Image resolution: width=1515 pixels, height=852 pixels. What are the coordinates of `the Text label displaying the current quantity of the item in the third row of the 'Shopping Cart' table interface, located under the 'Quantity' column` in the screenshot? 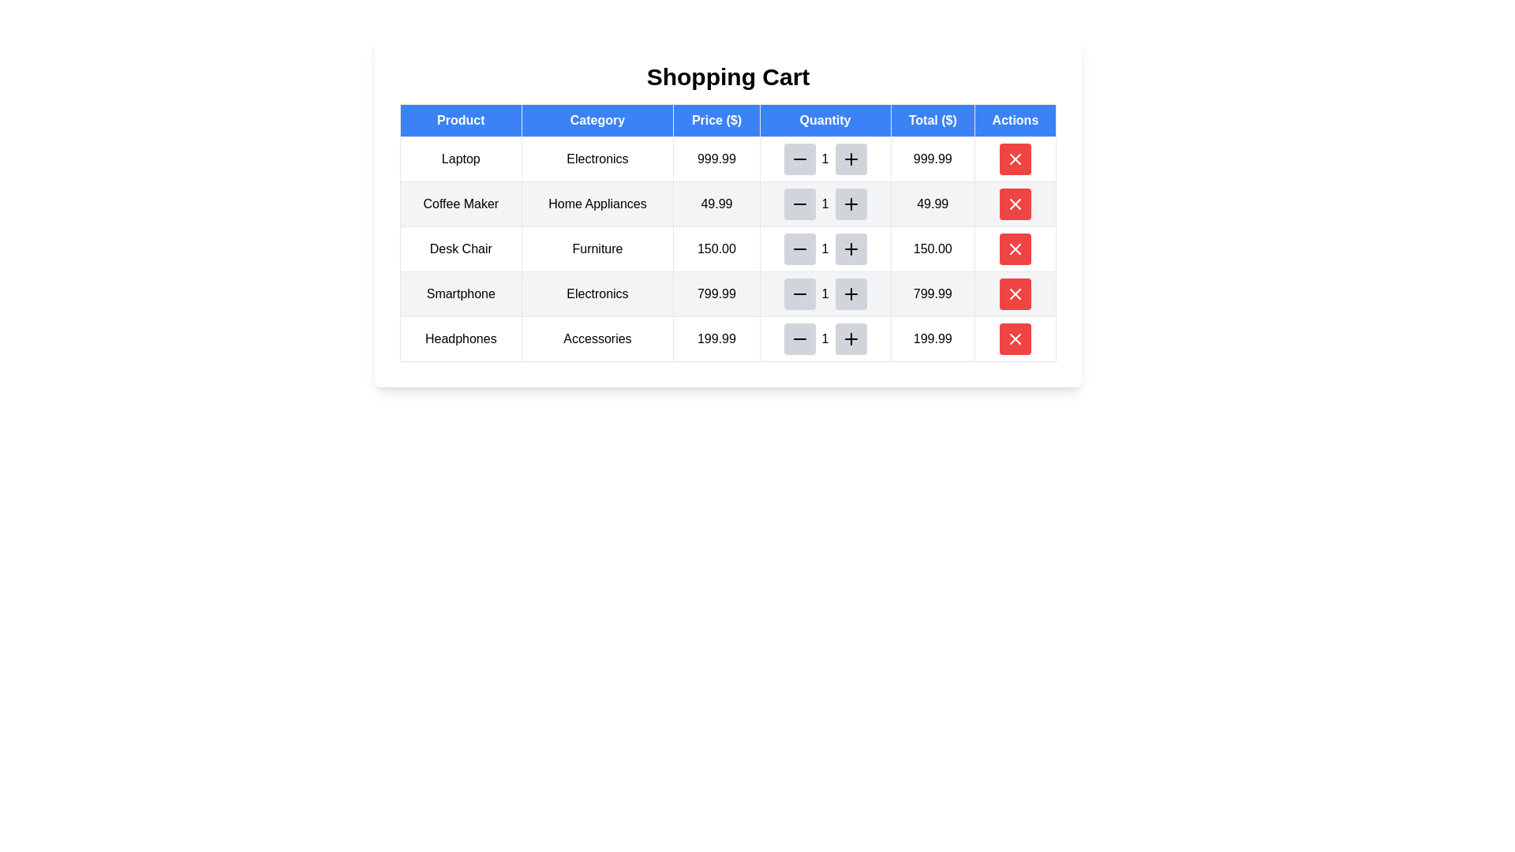 It's located at (825, 248).